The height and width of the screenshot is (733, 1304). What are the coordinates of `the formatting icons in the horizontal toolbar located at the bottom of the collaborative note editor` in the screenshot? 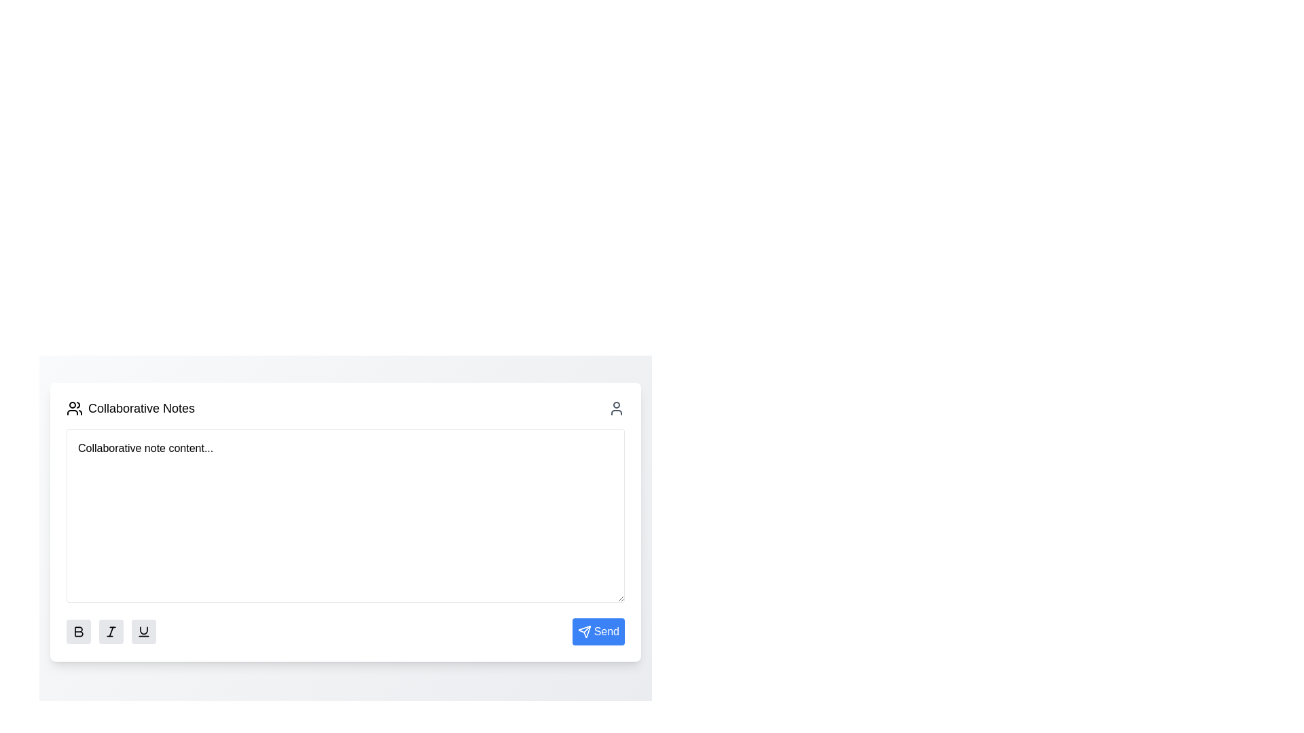 It's located at (345, 631).